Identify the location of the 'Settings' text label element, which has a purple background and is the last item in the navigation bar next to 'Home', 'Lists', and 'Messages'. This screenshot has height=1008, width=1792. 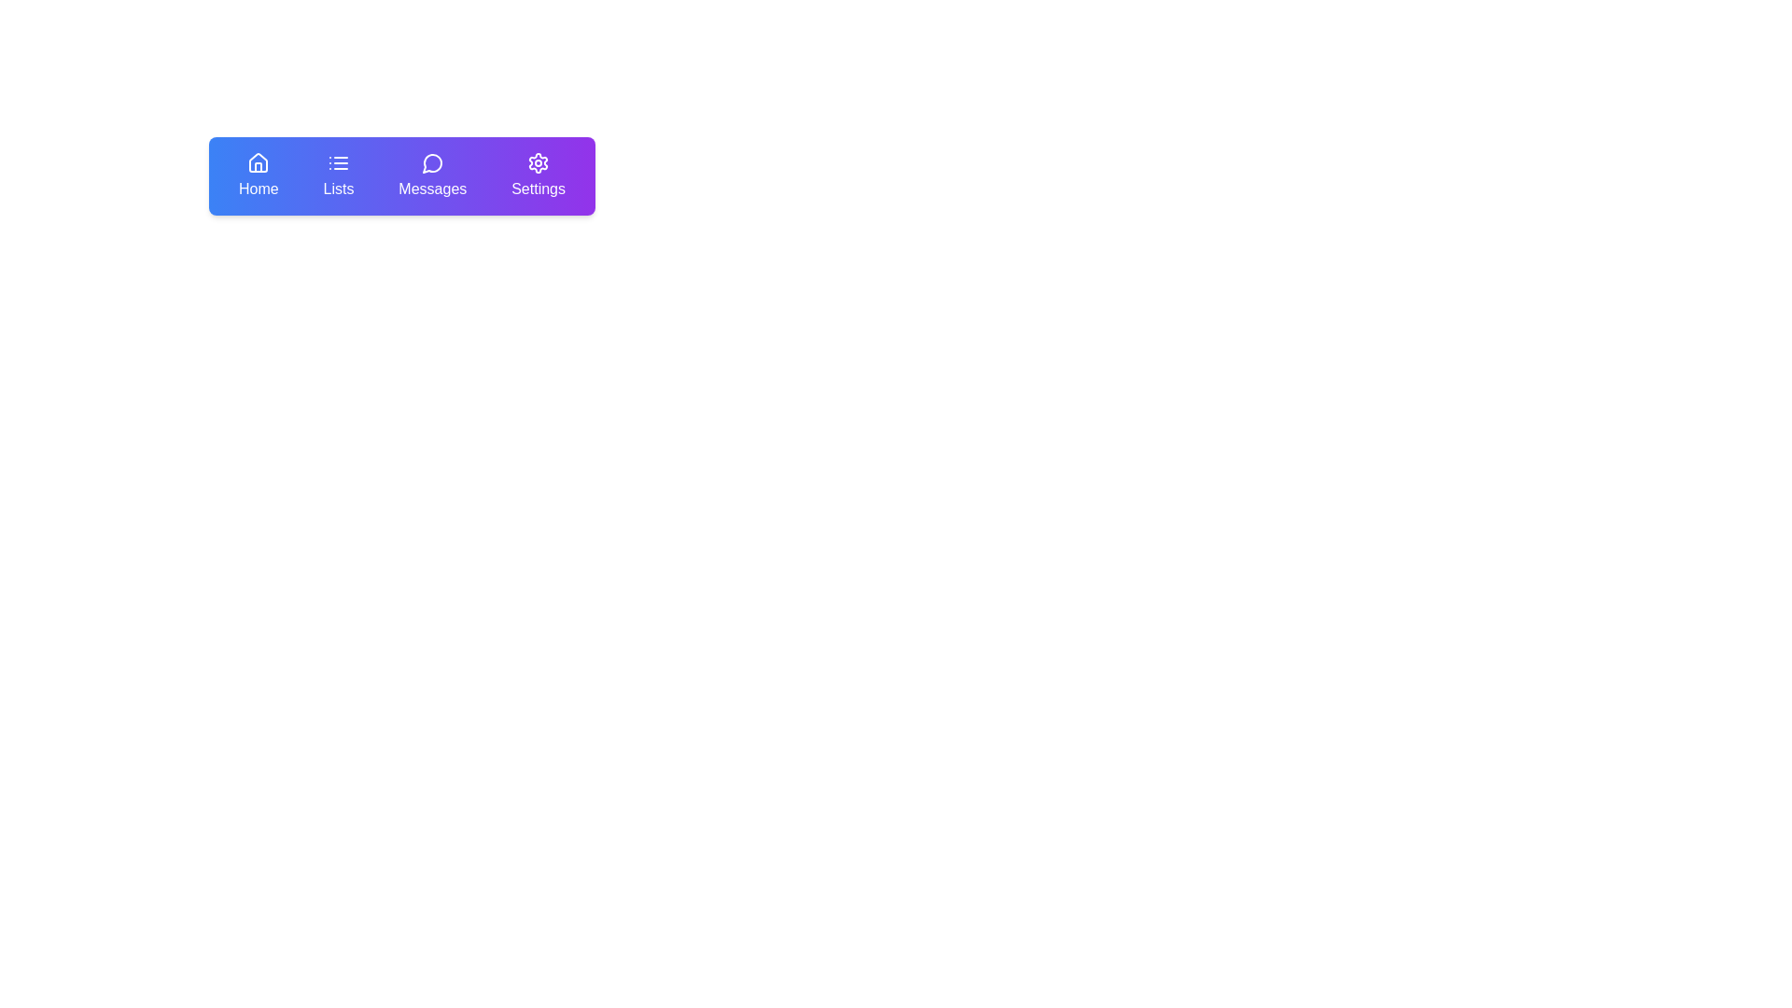
(538, 189).